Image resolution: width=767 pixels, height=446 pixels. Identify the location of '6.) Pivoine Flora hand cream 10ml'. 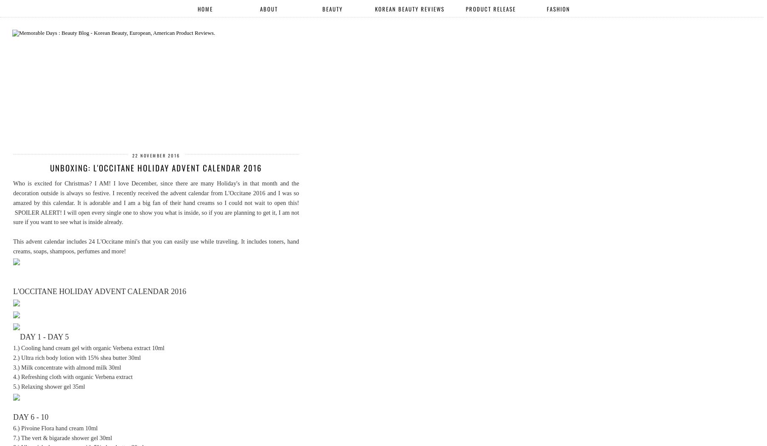
(55, 428).